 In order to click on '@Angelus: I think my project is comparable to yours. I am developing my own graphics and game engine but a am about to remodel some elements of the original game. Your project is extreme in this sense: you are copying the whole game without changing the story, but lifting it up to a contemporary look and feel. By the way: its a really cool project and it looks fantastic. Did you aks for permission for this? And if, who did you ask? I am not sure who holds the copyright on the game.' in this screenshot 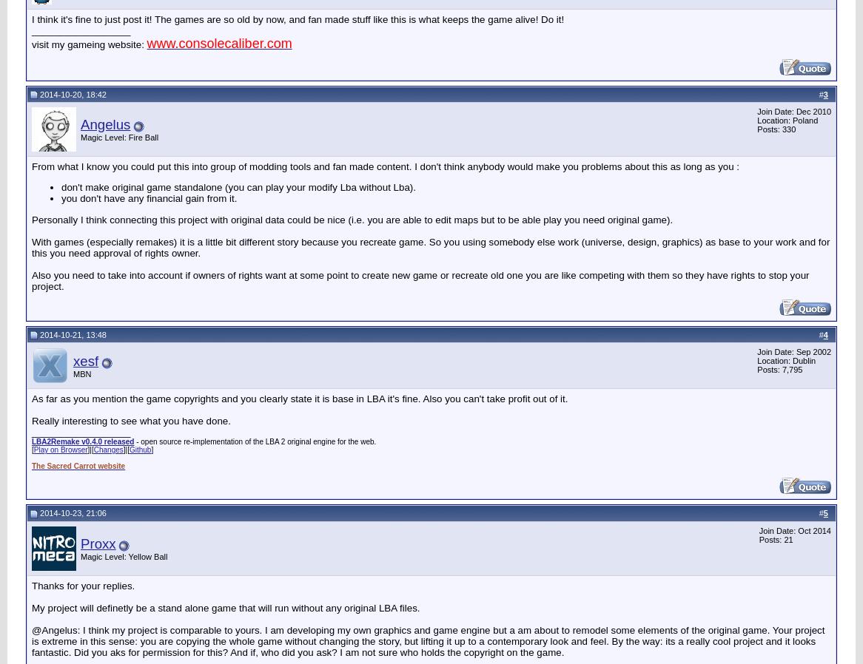, I will do `click(427, 640)`.